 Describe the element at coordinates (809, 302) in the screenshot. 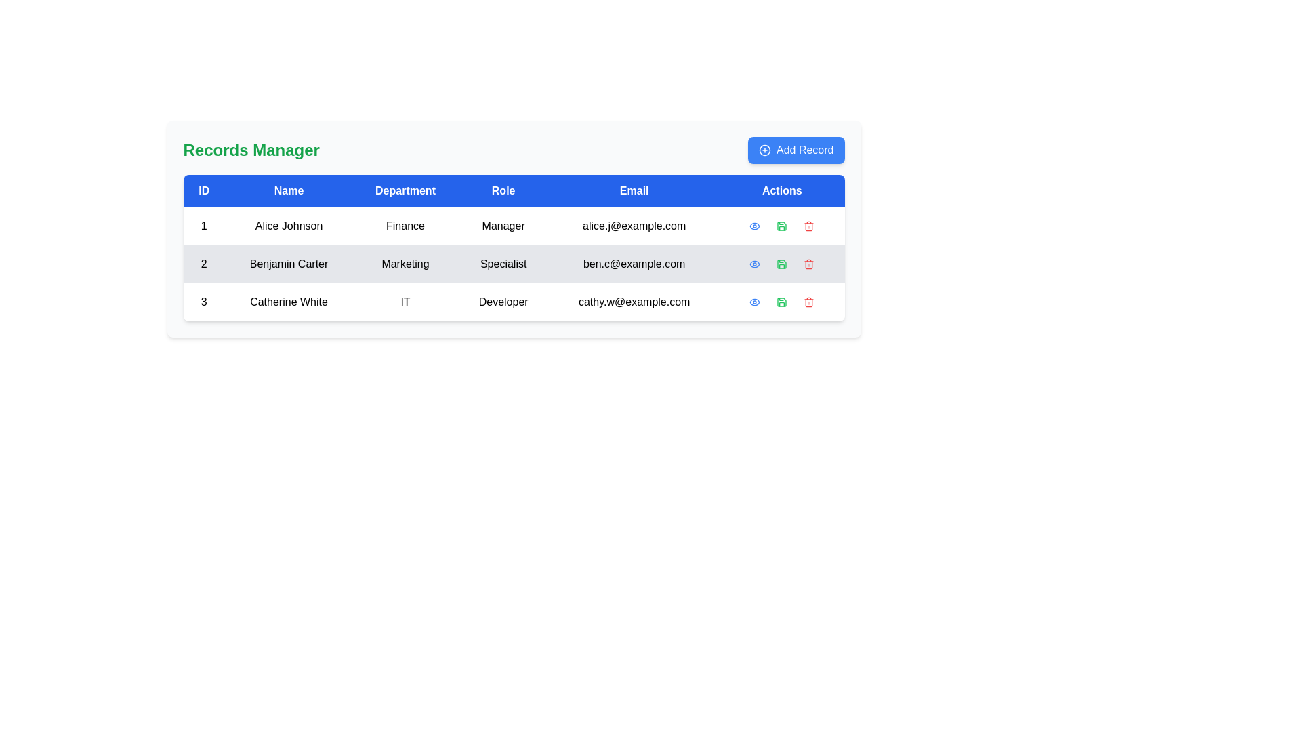

I see `the red trash bin icon button representing the delete action for user Catherine White, which is the third interactive element in the last column of the third row in the table layout` at that location.